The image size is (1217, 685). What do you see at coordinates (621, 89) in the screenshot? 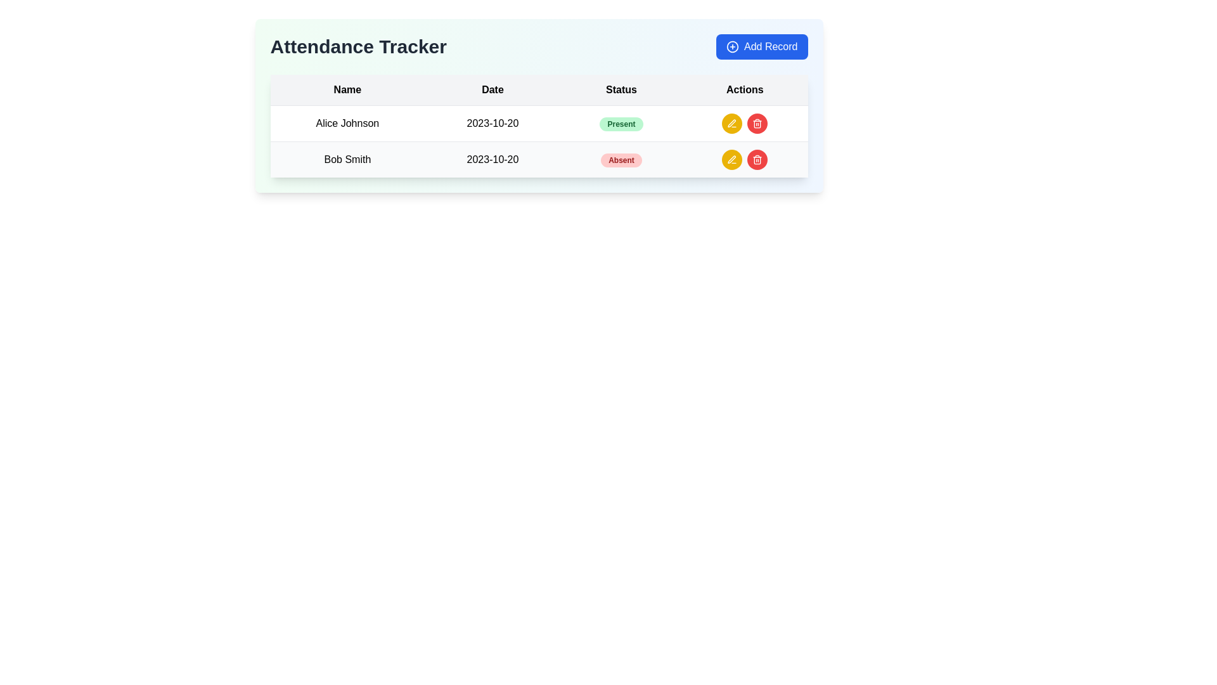
I see `the 'Status' column header cell in the table, which is the third header located between the 'Date' and 'Actions' columns` at bounding box center [621, 89].